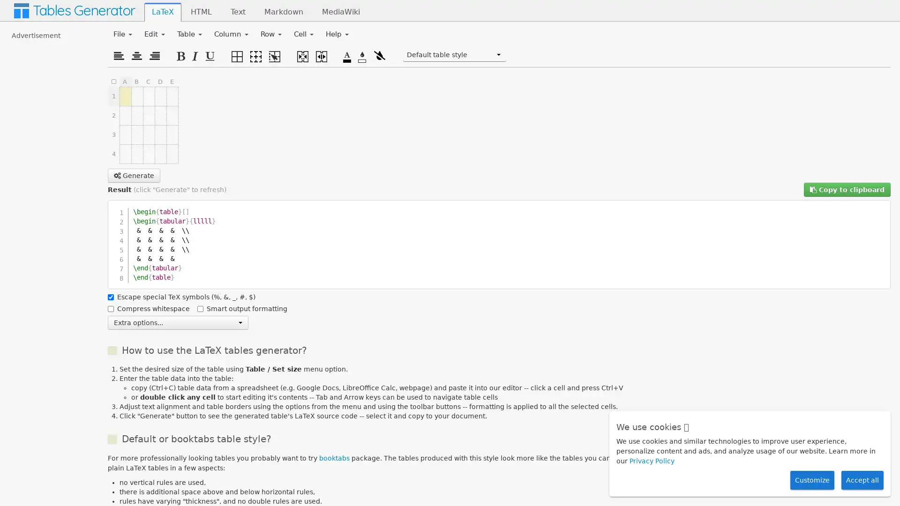  Describe the element at coordinates (337, 34) in the screenshot. I see `Help` at that location.